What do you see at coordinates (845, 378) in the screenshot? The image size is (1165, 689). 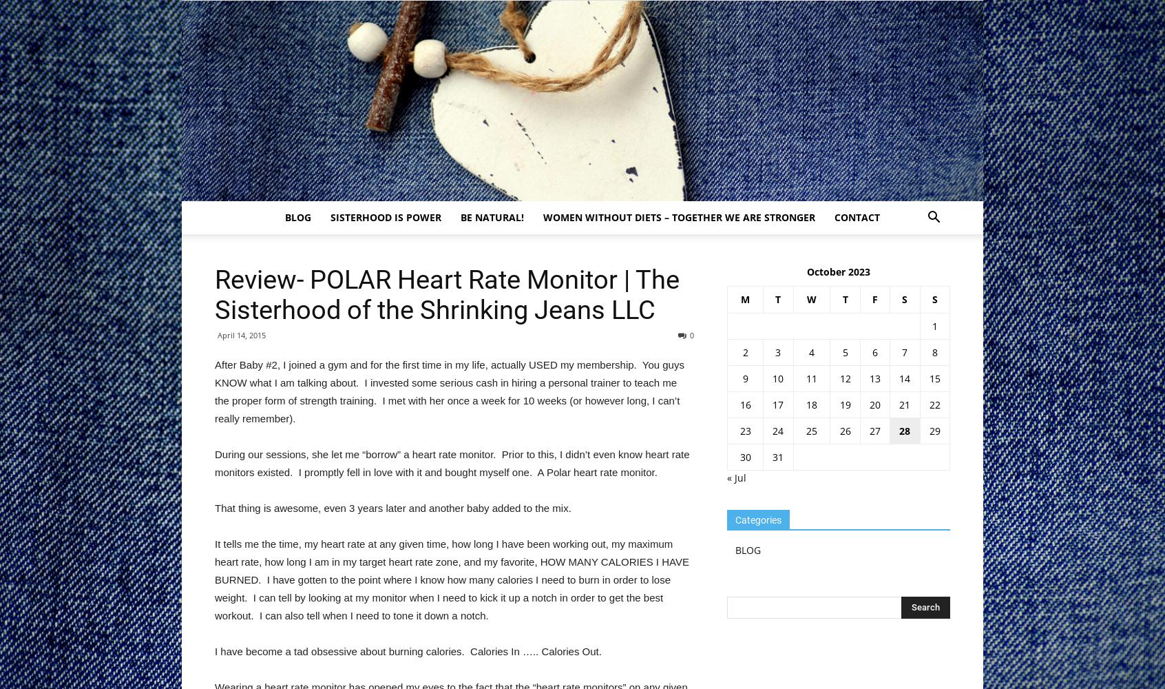 I see `'12'` at bounding box center [845, 378].